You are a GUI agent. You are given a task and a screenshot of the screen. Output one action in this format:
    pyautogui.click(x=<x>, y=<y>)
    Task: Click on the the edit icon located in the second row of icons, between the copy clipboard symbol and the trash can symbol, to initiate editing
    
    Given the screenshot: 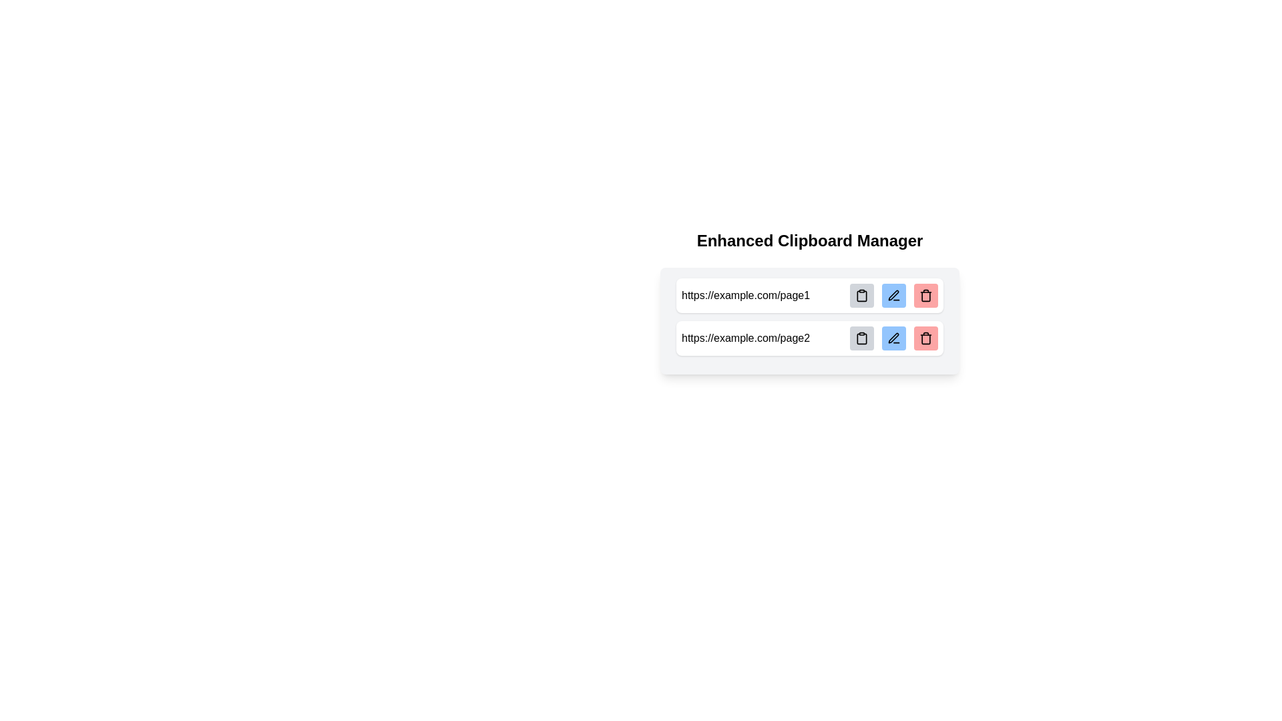 What is the action you would take?
    pyautogui.click(x=893, y=294)
    